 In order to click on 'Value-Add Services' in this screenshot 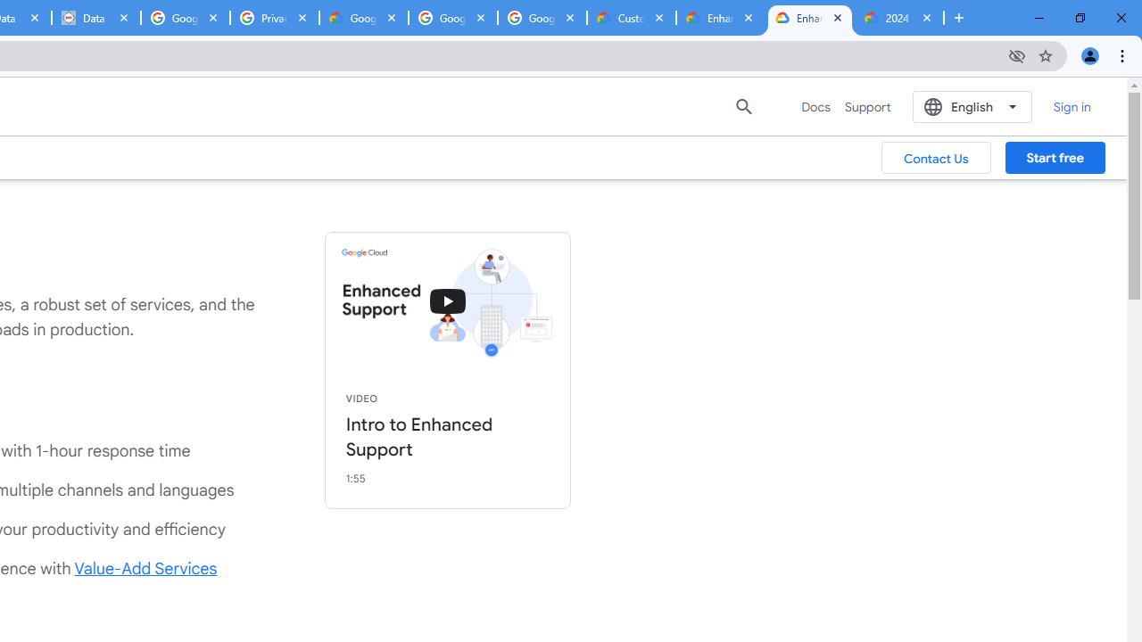, I will do `click(145, 568)`.